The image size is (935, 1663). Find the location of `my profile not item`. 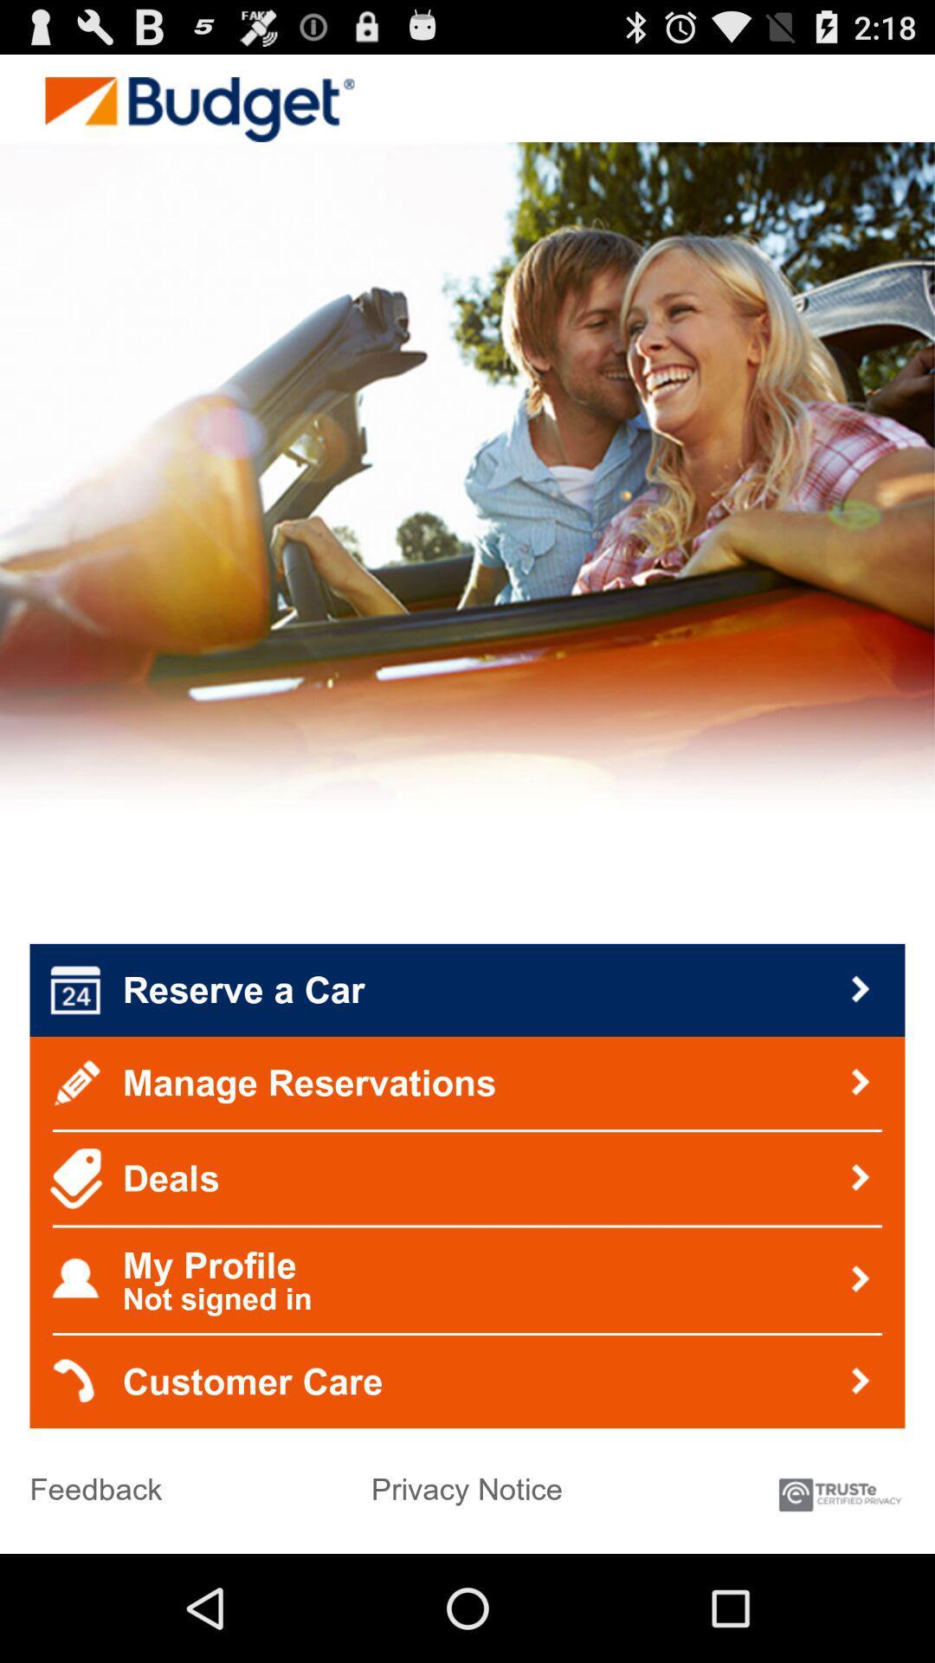

my profile not item is located at coordinates (467, 1280).